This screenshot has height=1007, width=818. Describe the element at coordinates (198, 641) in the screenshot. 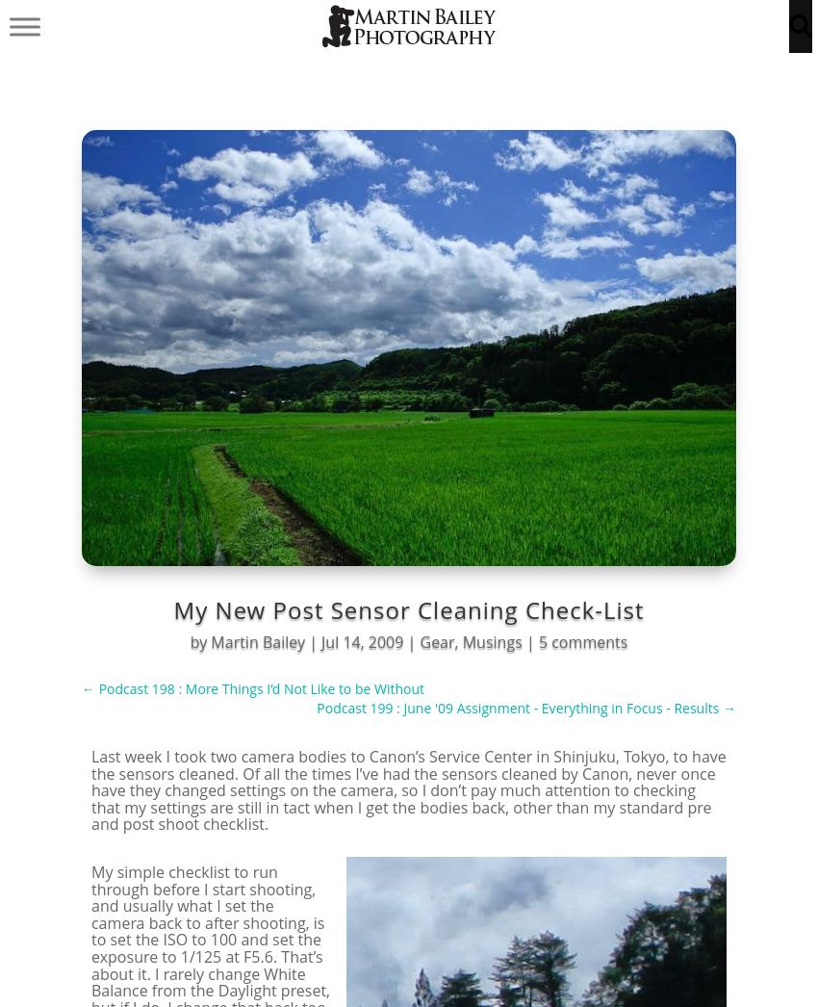

I see `'by'` at that location.